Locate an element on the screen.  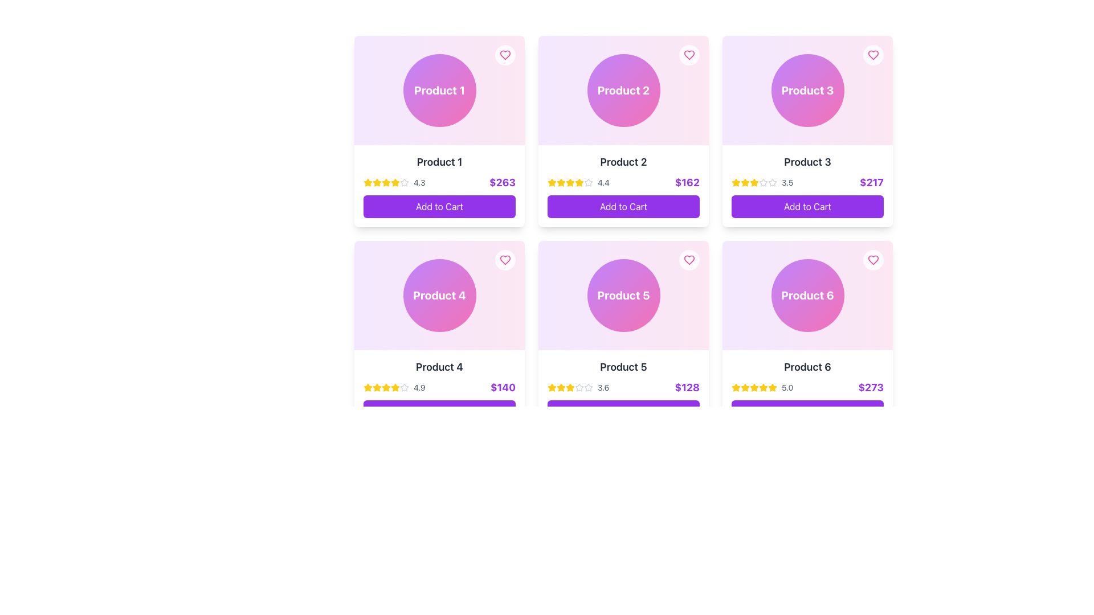
the appearance of the gray-colored outlined star icon with a hollow center, which is the last icon in a series of five star icons in the rating system for 'Product 4' is located at coordinates (405, 387).